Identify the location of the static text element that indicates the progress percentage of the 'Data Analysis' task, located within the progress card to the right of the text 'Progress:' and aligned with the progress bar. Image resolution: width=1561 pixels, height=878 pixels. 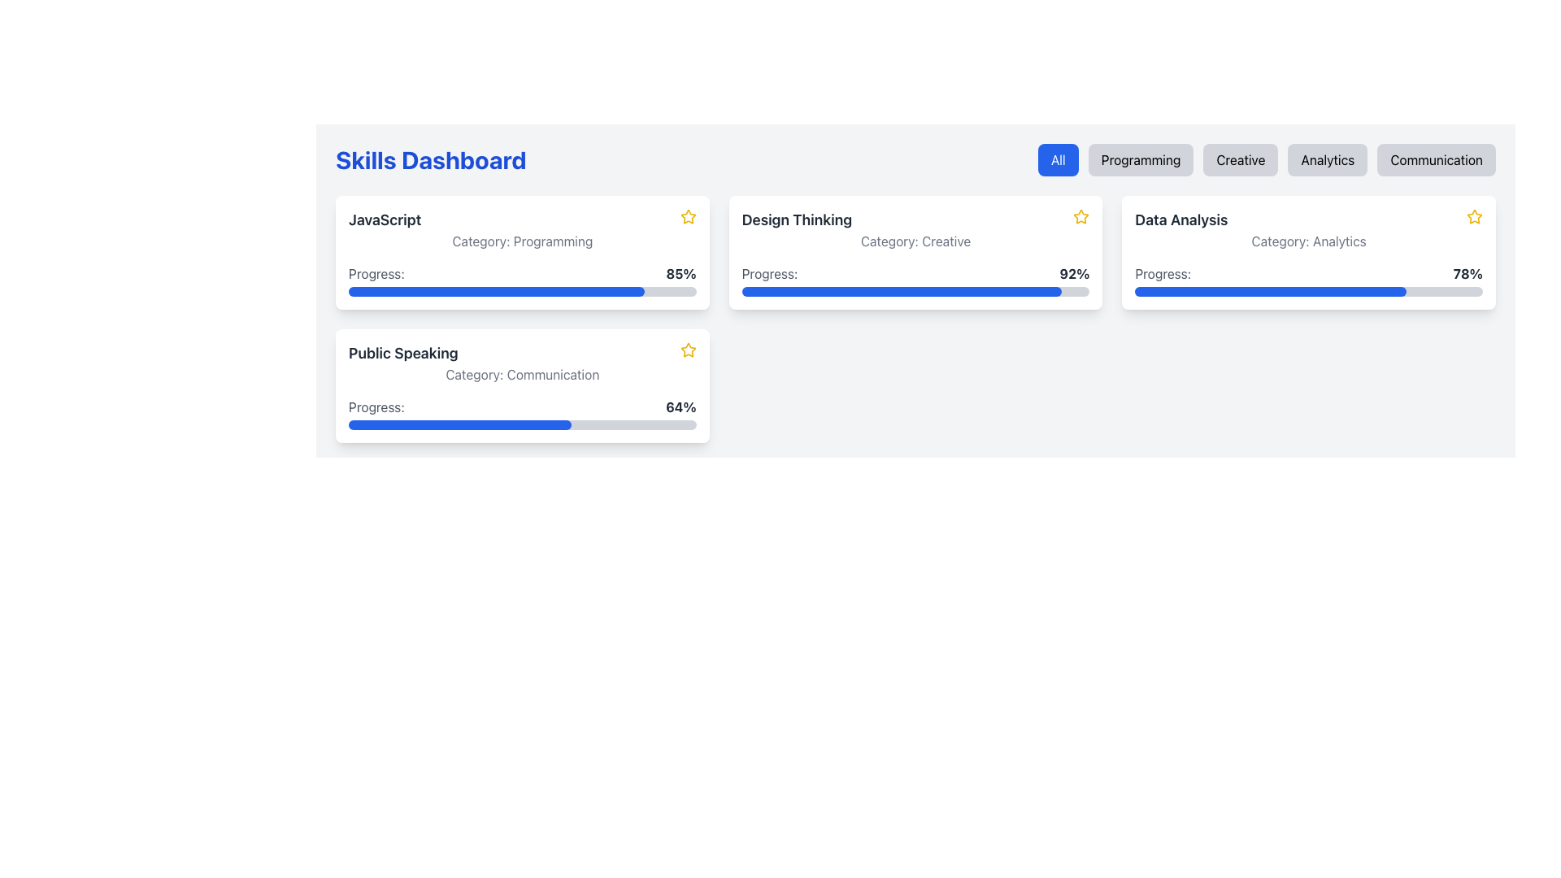
(1468, 272).